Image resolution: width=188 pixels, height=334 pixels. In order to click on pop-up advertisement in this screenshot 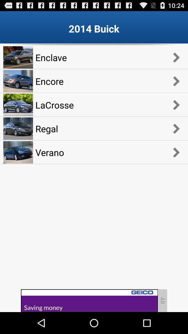, I will do `click(89, 300)`.